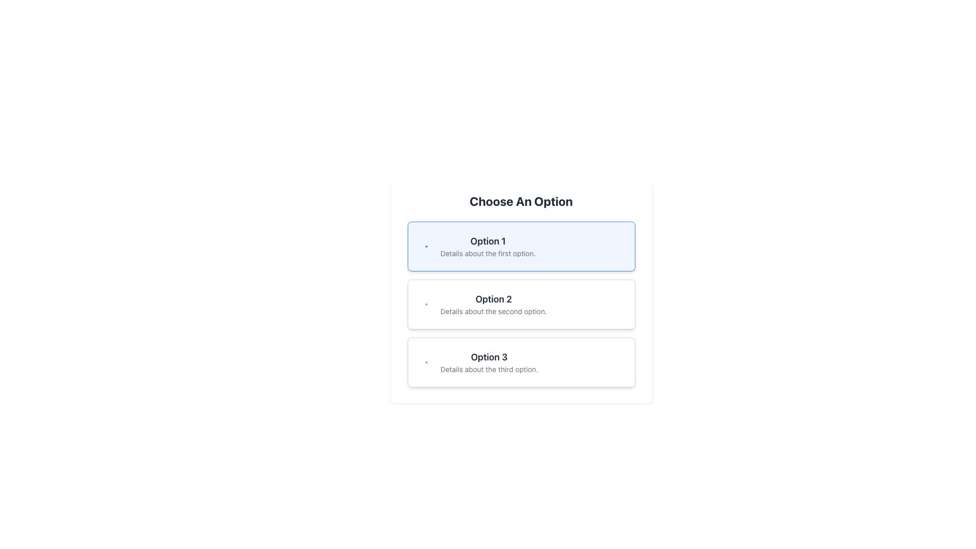 Image resolution: width=976 pixels, height=549 pixels. Describe the element at coordinates (426, 303) in the screenshot. I see `the small gray circular dot located at the top-left corner of the 'Option 2' card, which serves as a graphical marker` at that location.